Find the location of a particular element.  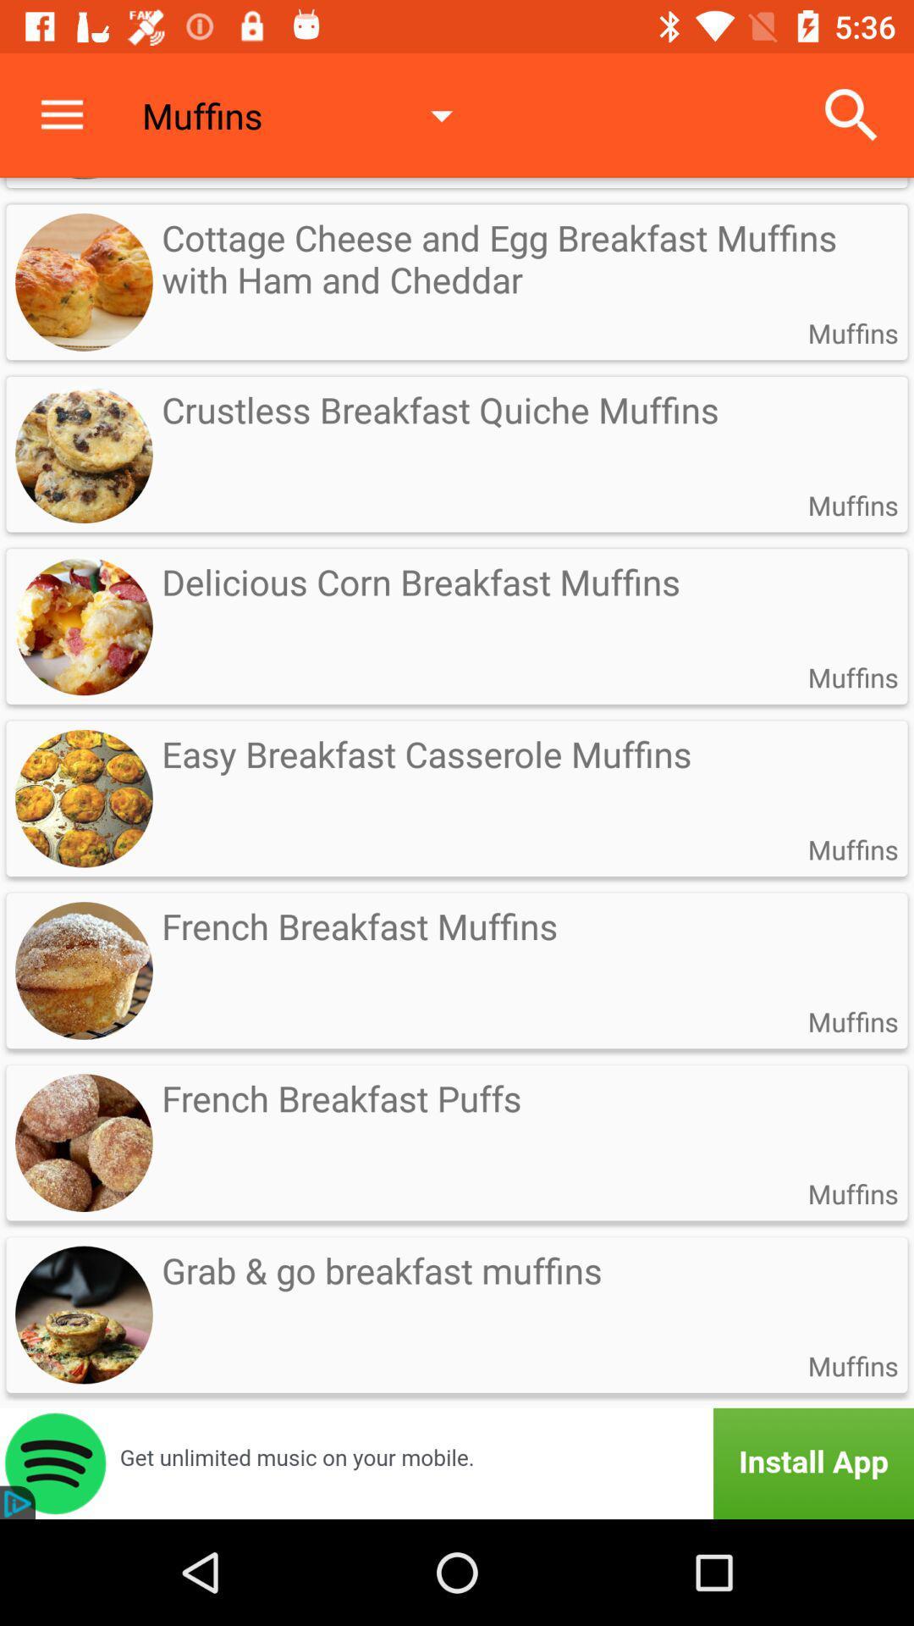

open advertisement is located at coordinates (457, 1463).